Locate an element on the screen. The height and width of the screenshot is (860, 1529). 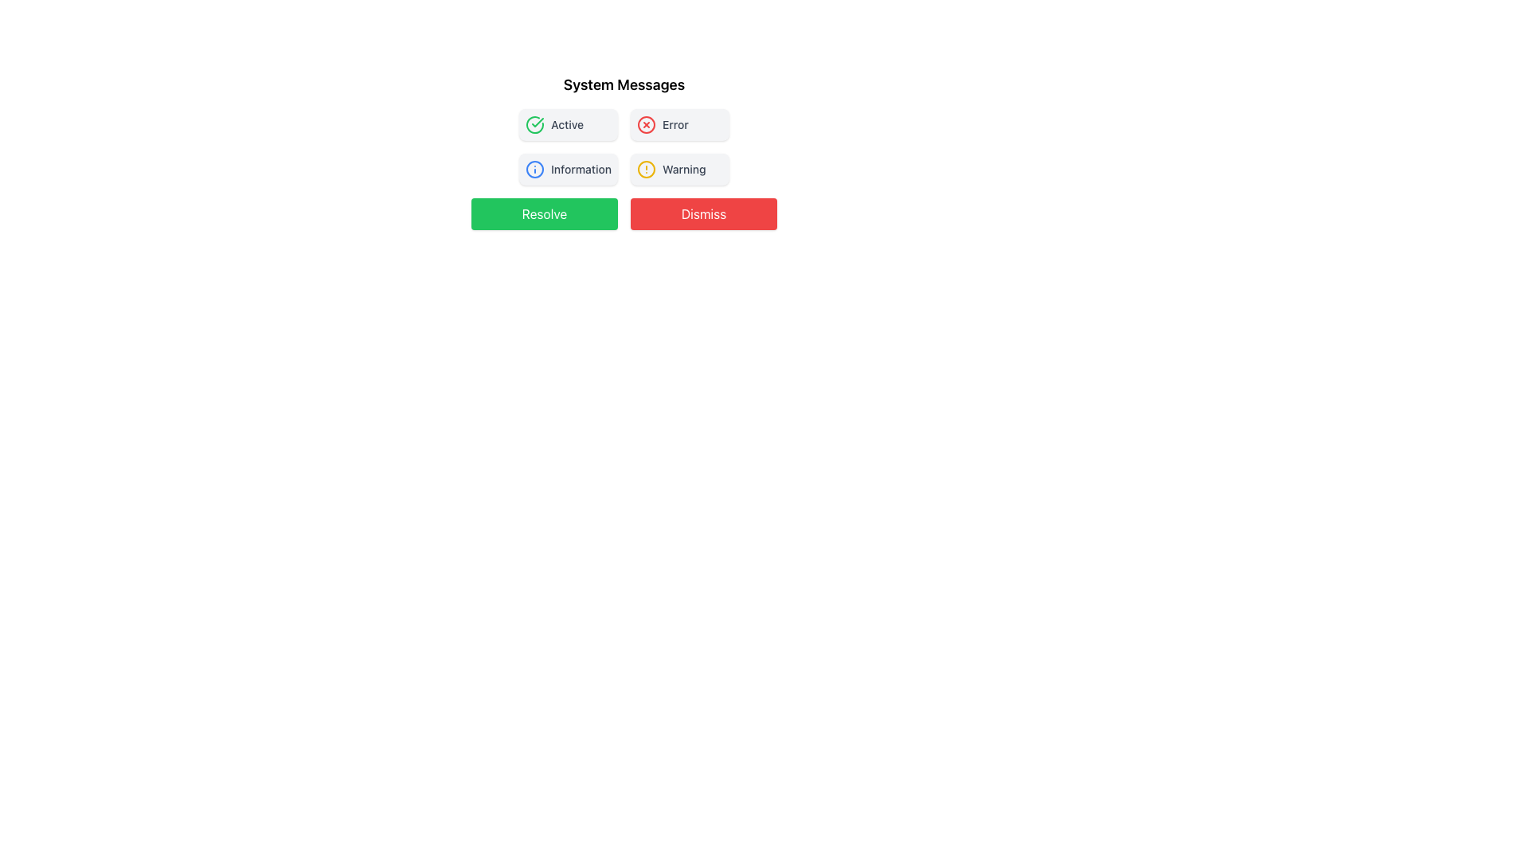
the leftmost error status indicator icon is located at coordinates (646, 124).